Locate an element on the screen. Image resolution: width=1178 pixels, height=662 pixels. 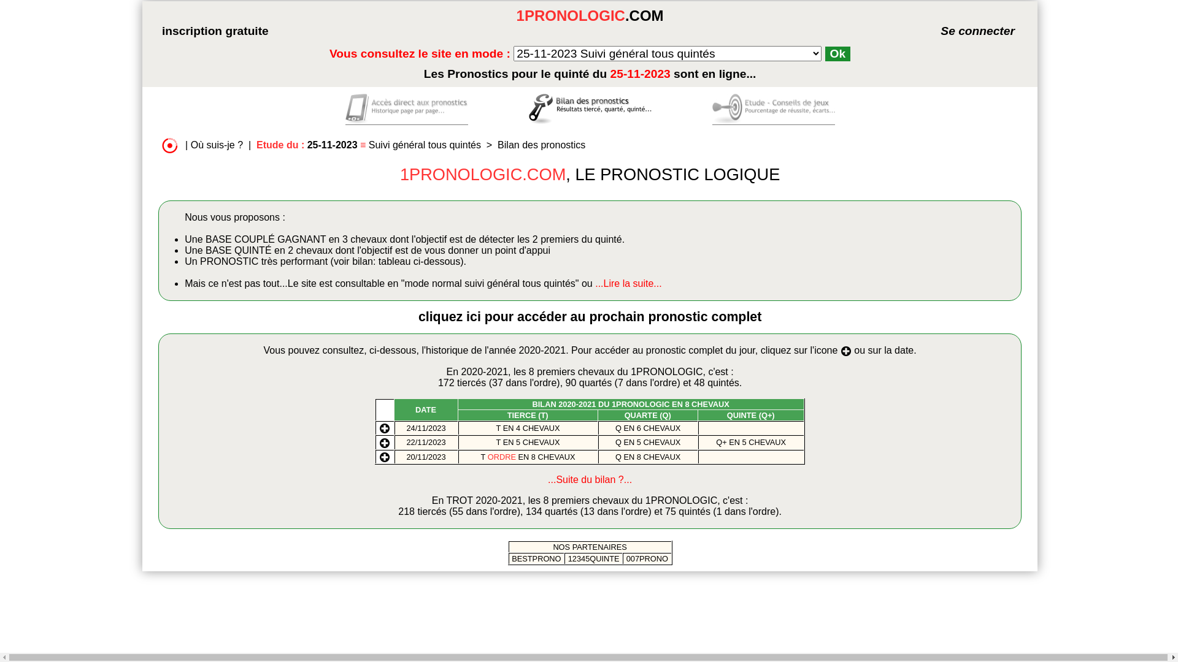
' BESTPRONO ' is located at coordinates (536, 558).